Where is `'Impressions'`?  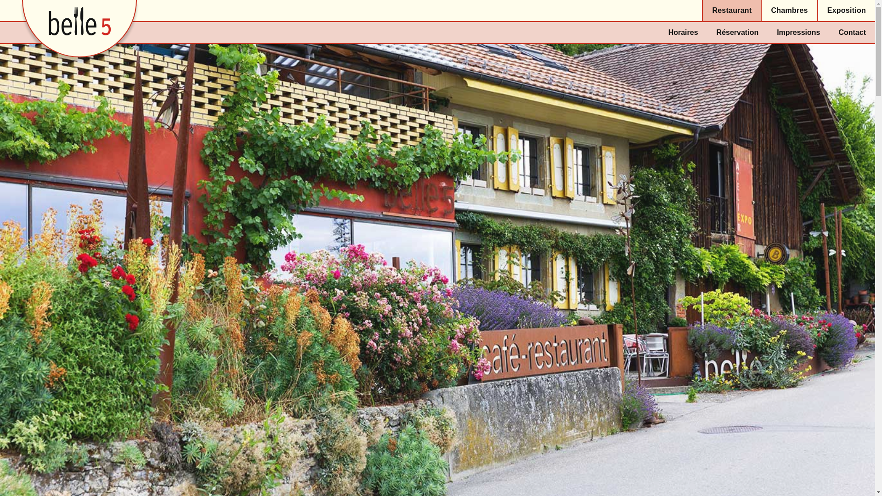 'Impressions' is located at coordinates (767, 32).